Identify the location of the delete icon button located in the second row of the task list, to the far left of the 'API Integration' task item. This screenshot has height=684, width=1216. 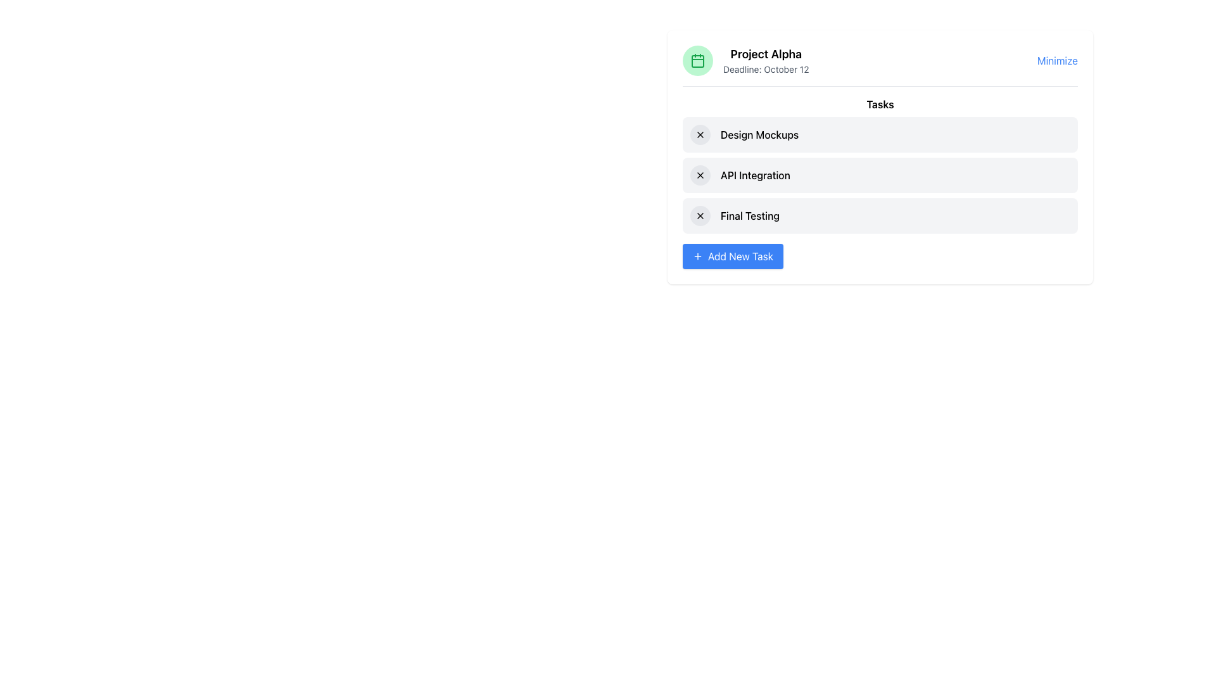
(699, 175).